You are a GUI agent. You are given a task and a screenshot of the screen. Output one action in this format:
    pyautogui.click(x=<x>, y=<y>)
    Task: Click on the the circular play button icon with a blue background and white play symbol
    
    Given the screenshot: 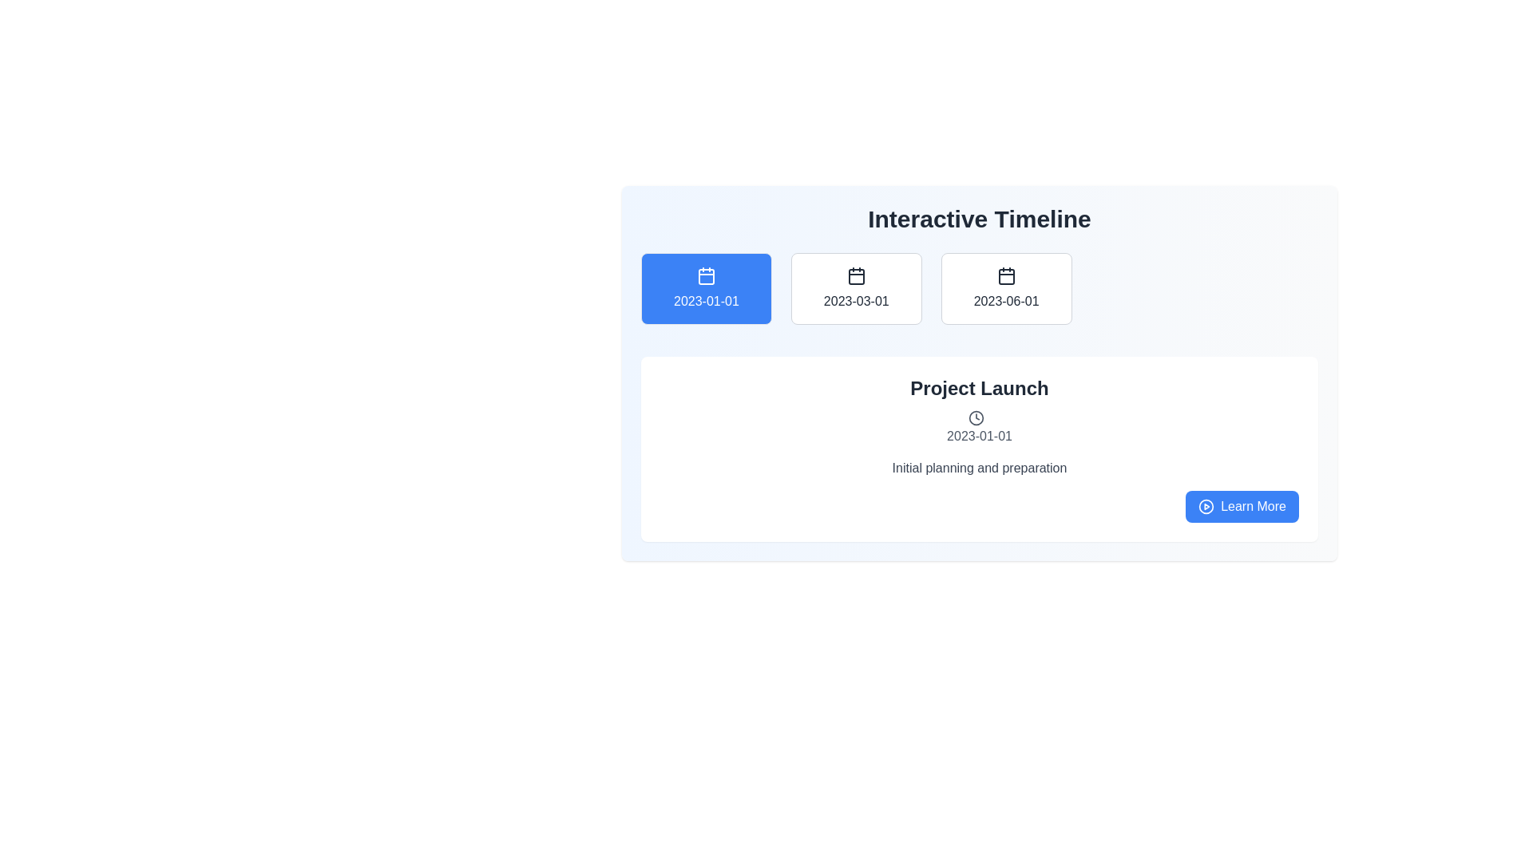 What is the action you would take?
    pyautogui.click(x=1206, y=507)
    